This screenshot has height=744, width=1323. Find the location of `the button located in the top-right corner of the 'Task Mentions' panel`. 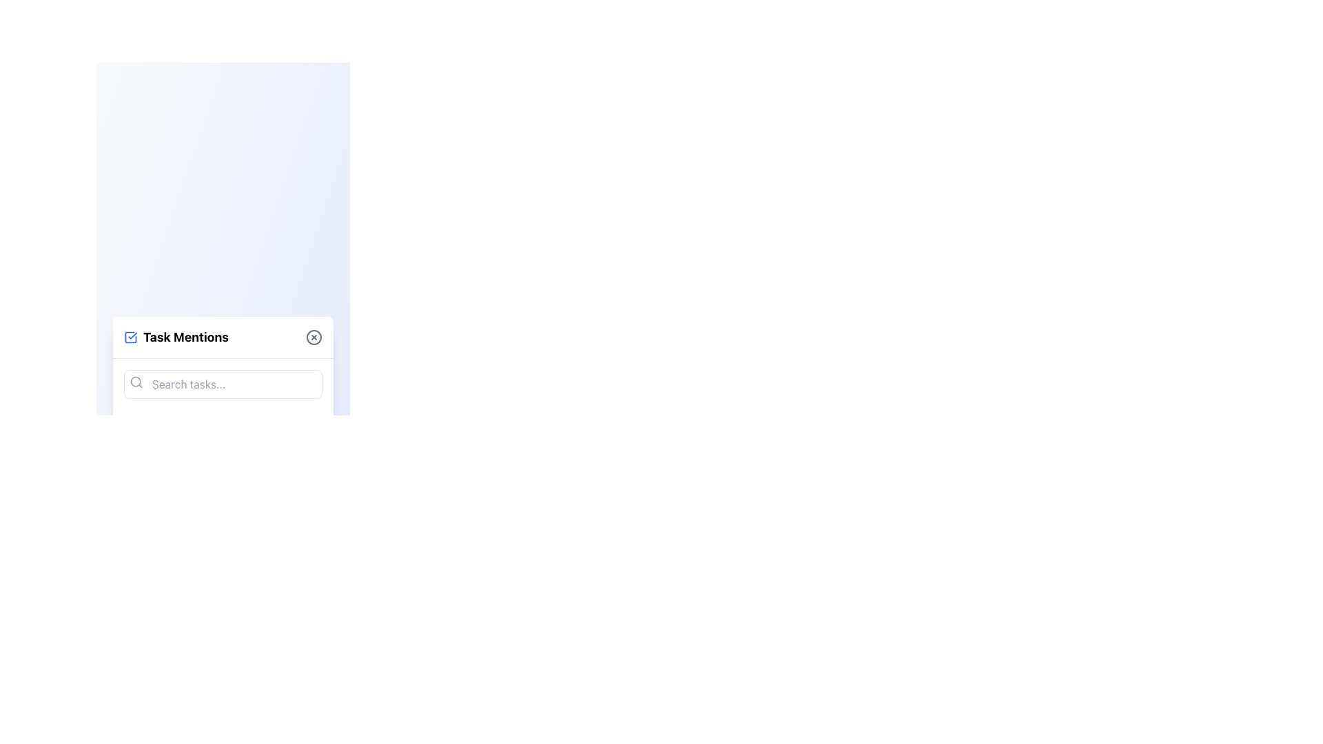

the button located in the top-right corner of the 'Task Mentions' panel is located at coordinates (314, 337).